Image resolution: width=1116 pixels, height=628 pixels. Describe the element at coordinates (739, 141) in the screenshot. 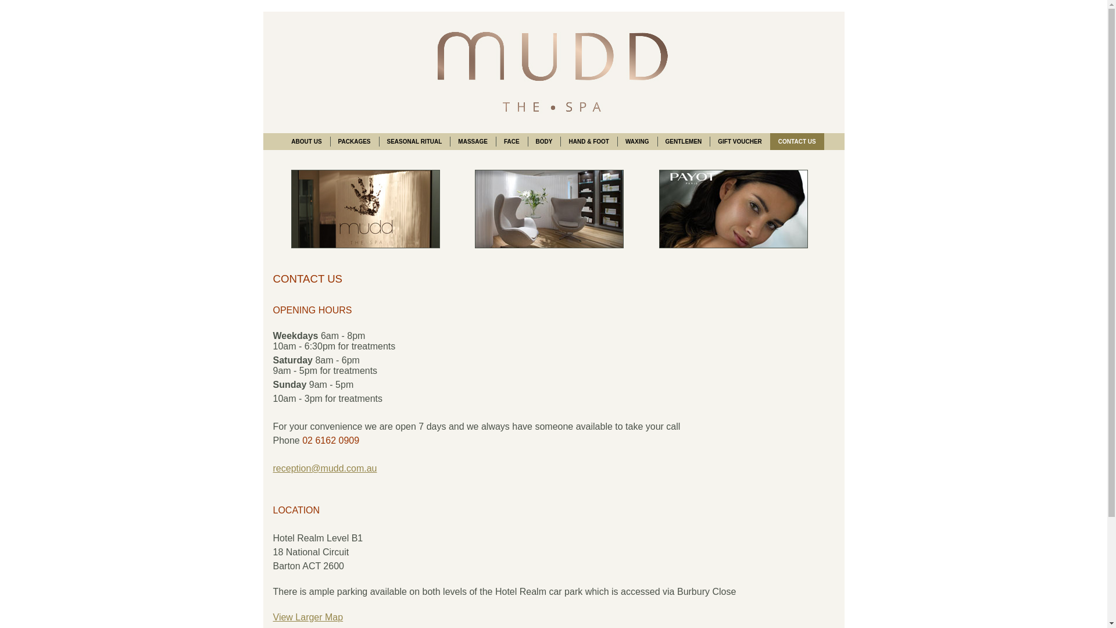

I see `'GIFT VOUCHER'` at that location.